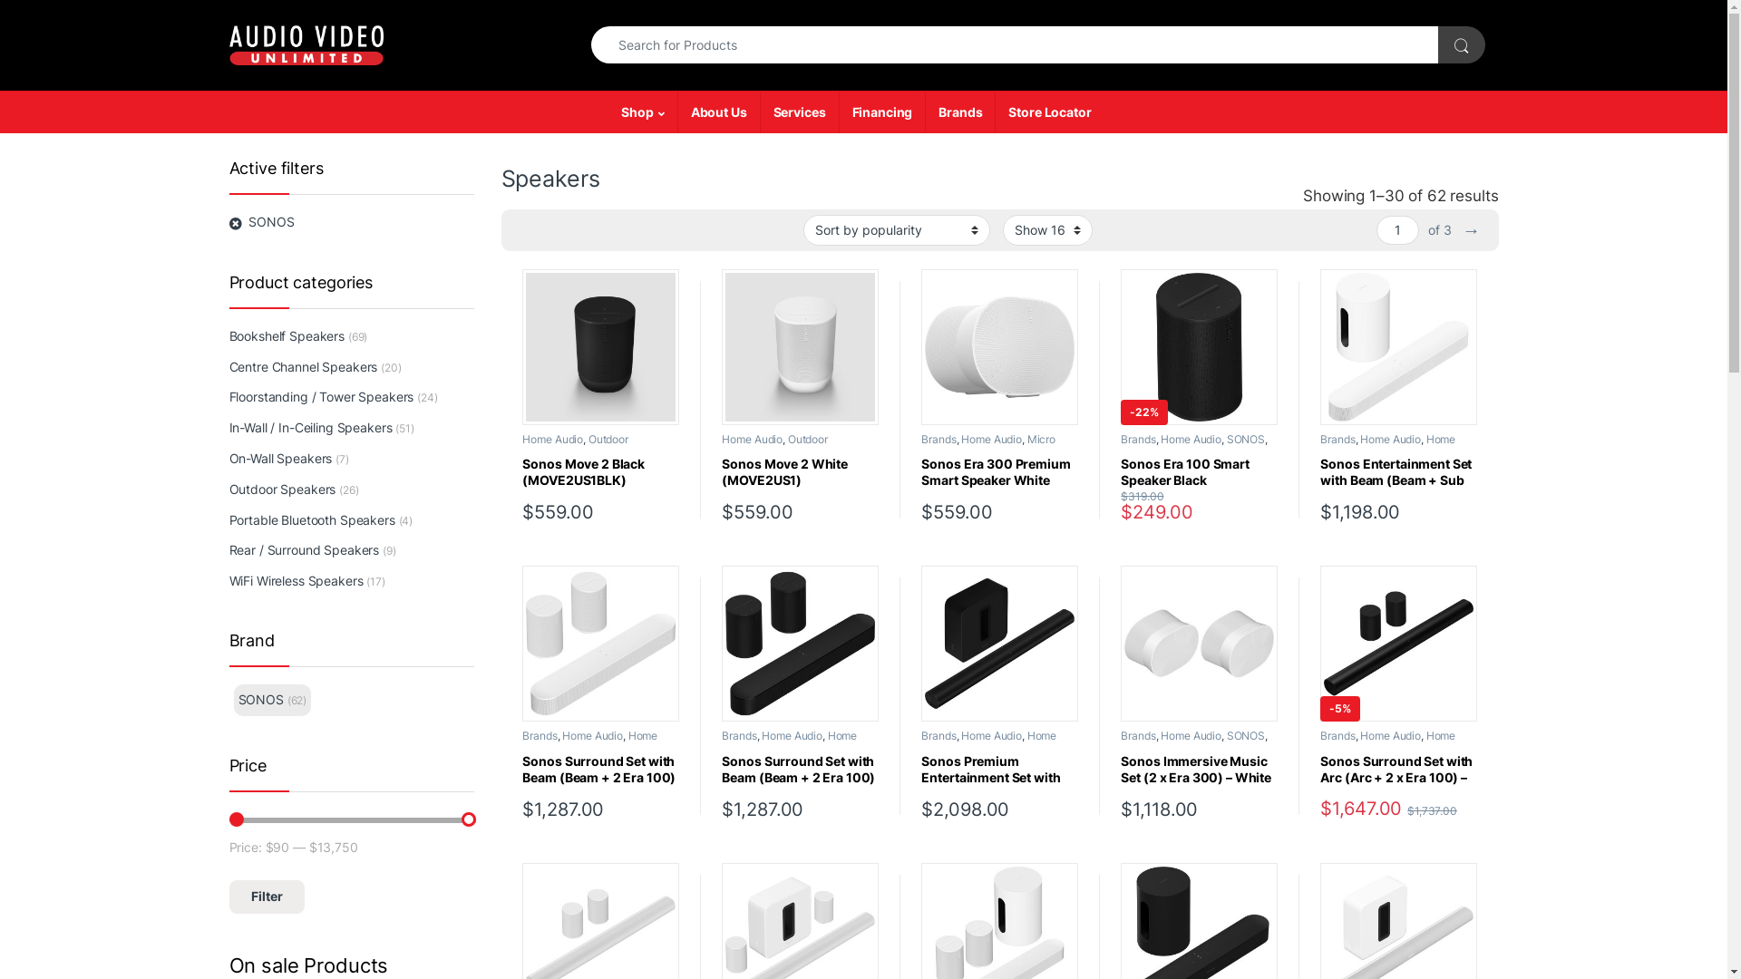 This screenshot has width=1741, height=979. I want to click on 'Floorstanding / Tower Speakers', so click(321, 397).